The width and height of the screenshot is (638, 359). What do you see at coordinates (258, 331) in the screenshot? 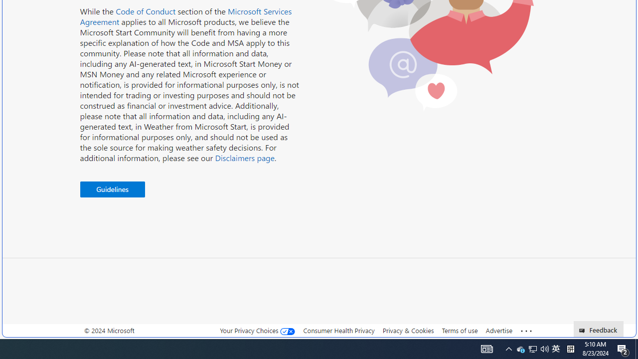
I see `'Your Privacy Choices'` at bounding box center [258, 331].